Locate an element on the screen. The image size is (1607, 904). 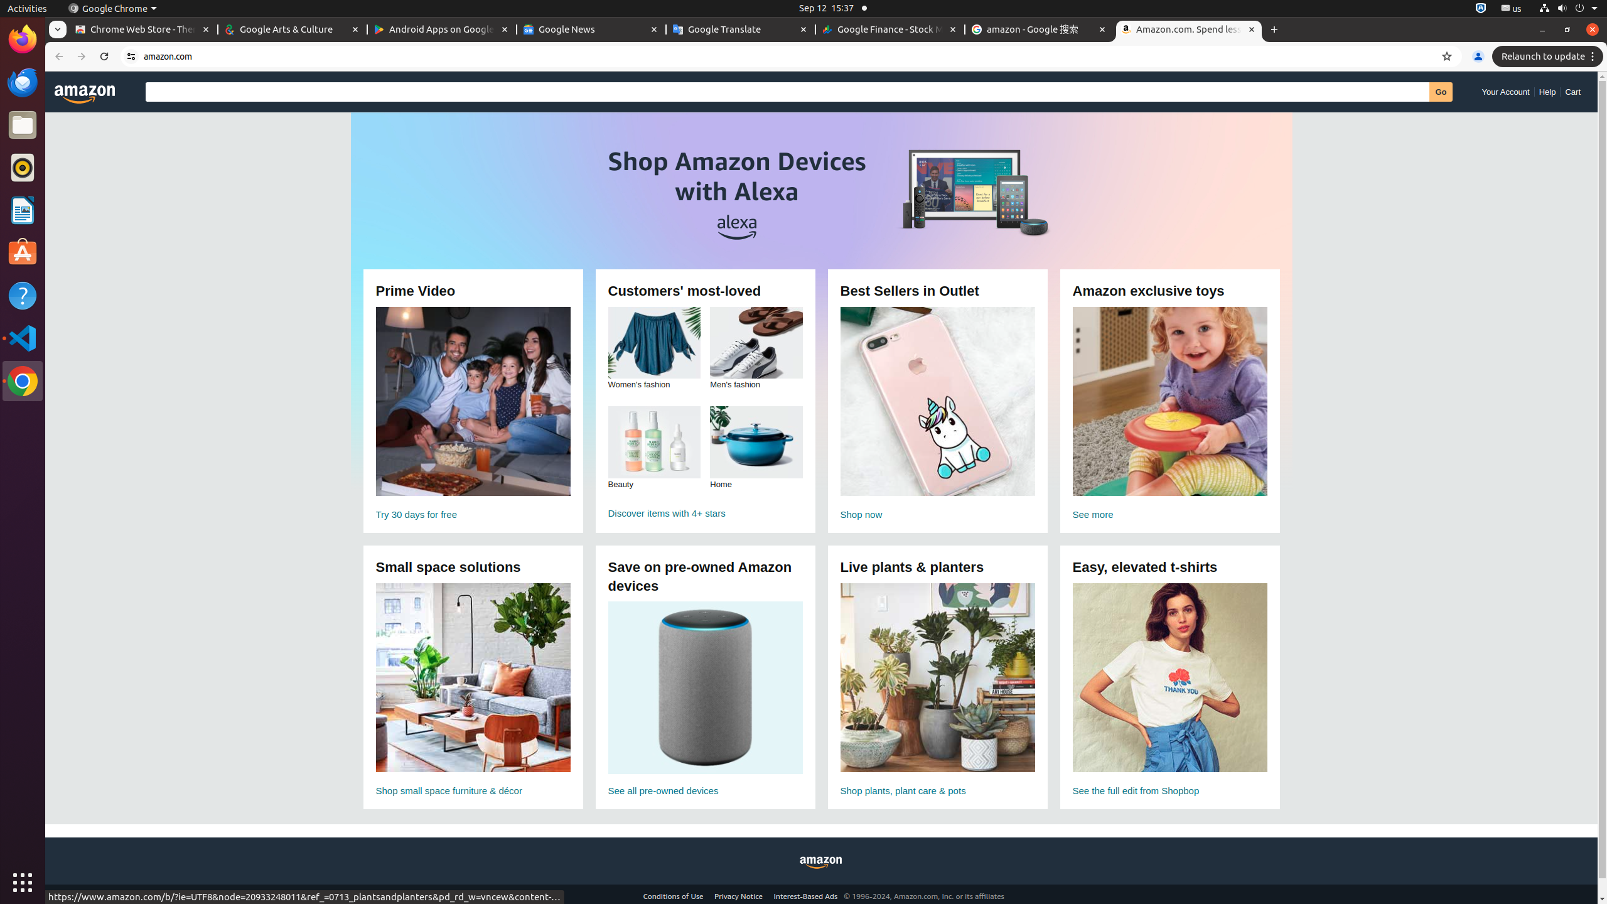
'Cart' is located at coordinates (1572, 91).